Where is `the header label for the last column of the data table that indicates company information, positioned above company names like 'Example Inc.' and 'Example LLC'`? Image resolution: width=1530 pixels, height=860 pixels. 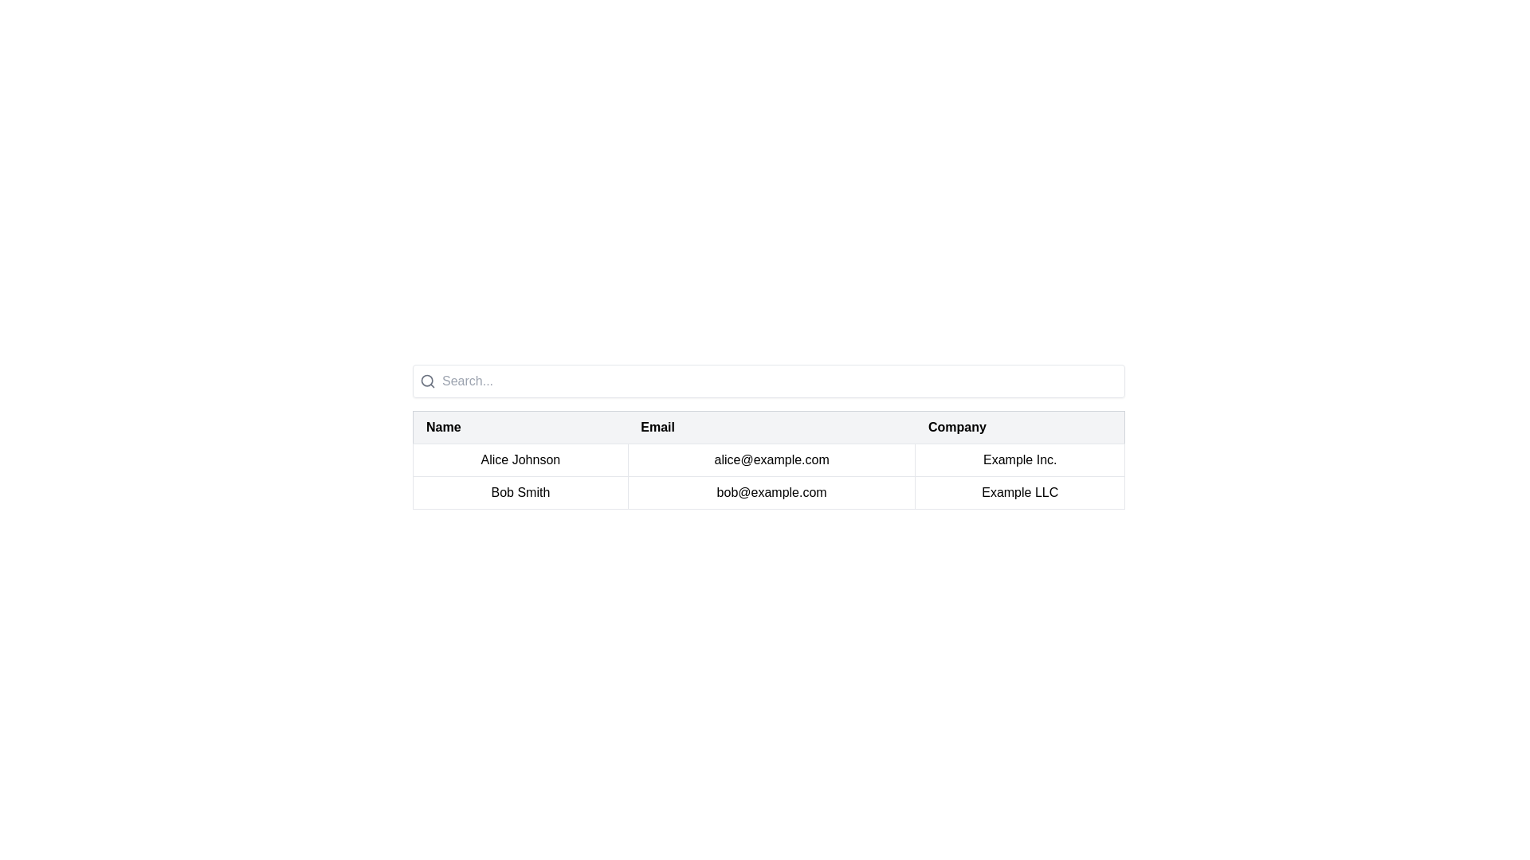
the header label for the last column of the data table that indicates company information, positioned above company names like 'Example Inc.' and 'Example LLC' is located at coordinates (956, 426).